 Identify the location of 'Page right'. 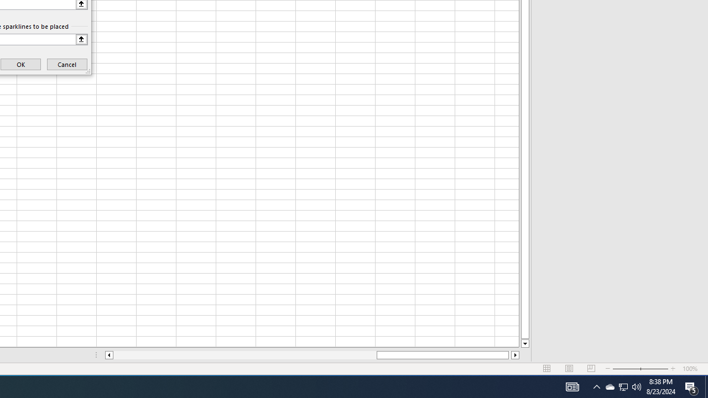
(509, 355).